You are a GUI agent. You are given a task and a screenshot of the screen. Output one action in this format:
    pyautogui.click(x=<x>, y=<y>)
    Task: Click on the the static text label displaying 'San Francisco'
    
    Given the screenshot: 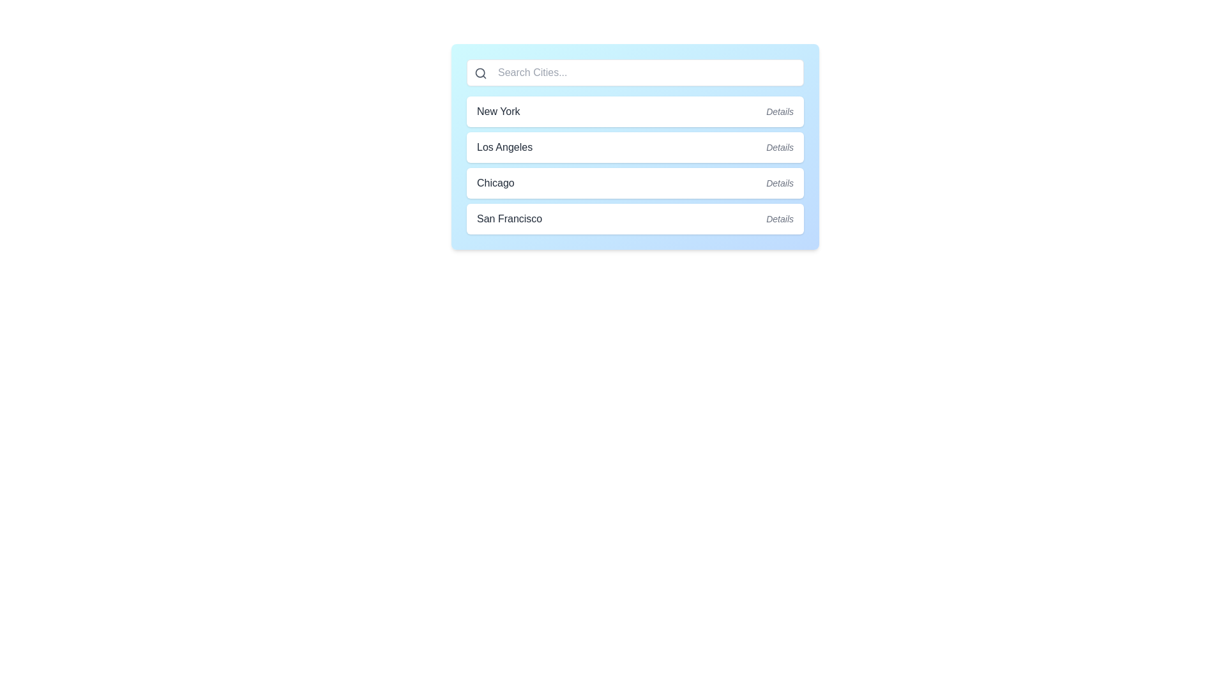 What is the action you would take?
    pyautogui.click(x=509, y=218)
    